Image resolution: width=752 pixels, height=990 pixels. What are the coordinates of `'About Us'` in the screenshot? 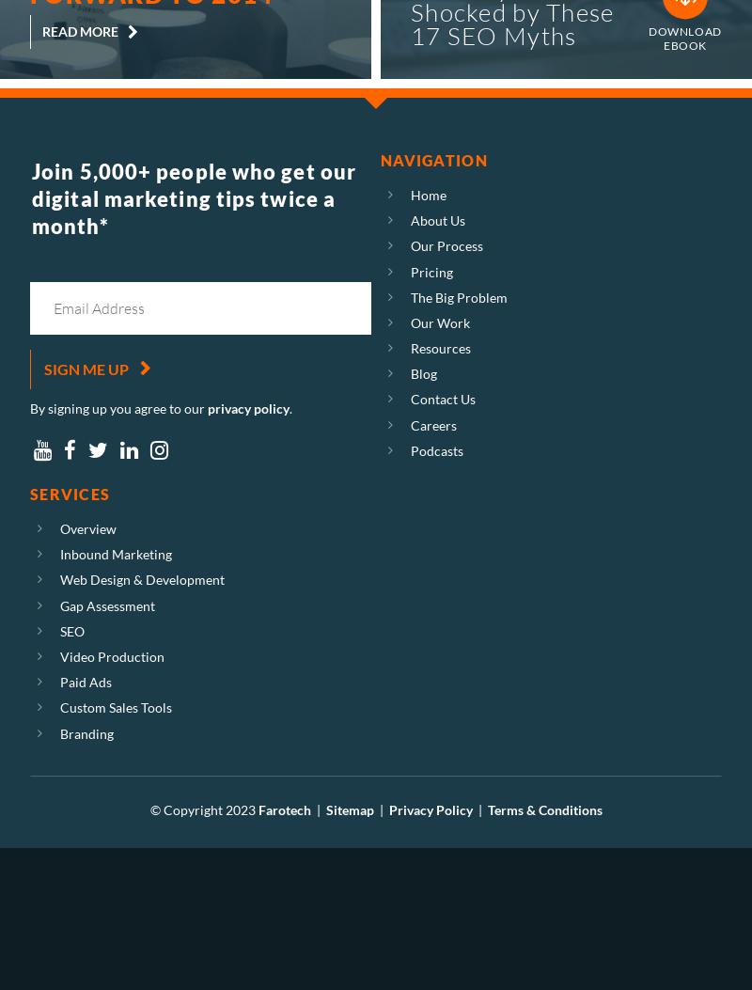 It's located at (437, 220).